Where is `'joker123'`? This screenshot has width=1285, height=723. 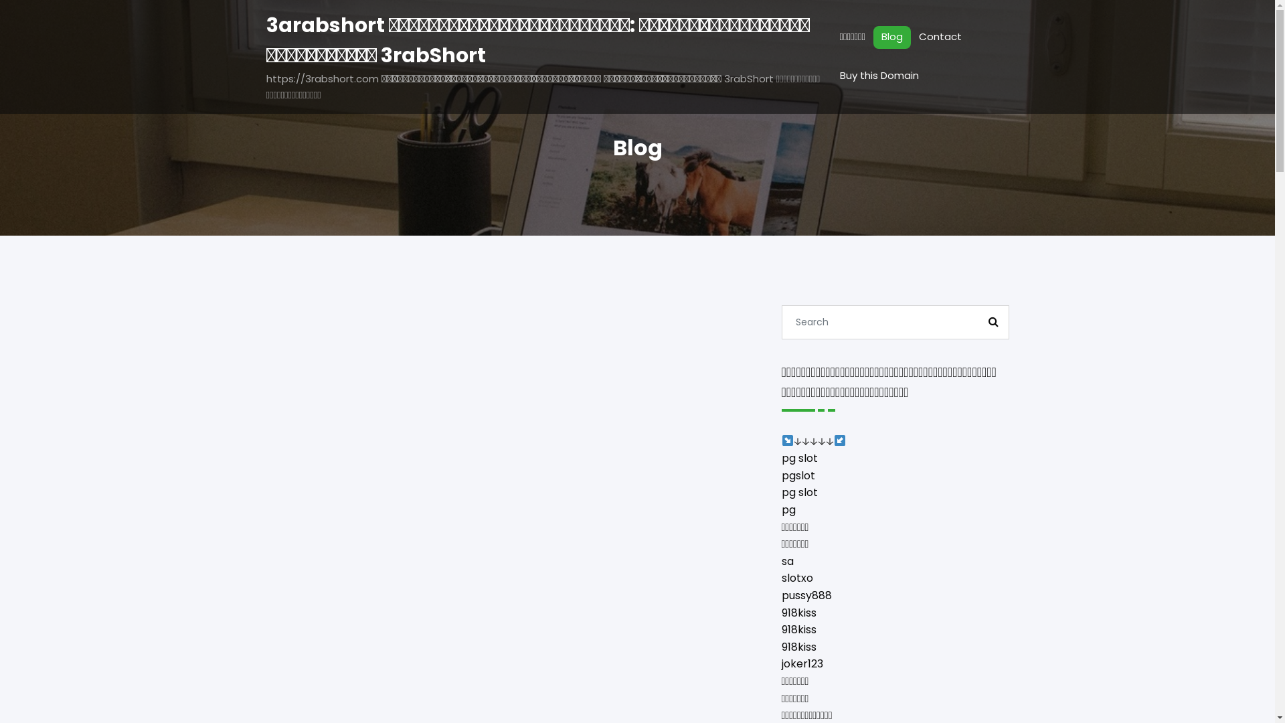 'joker123' is located at coordinates (781, 663).